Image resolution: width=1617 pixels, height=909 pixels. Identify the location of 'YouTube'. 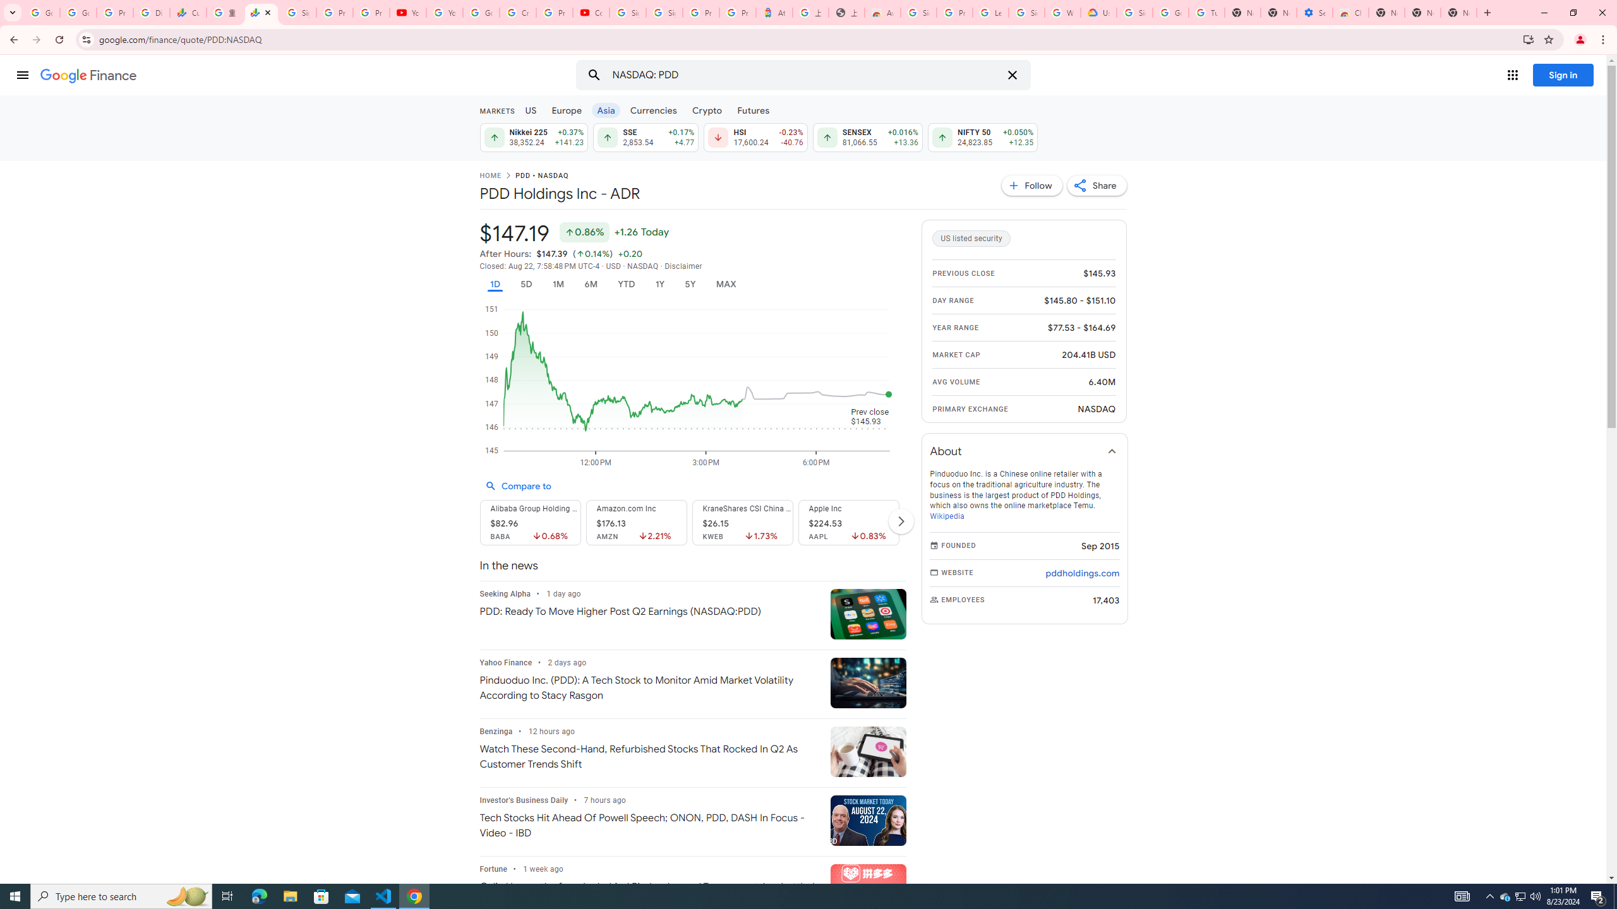
(445, 12).